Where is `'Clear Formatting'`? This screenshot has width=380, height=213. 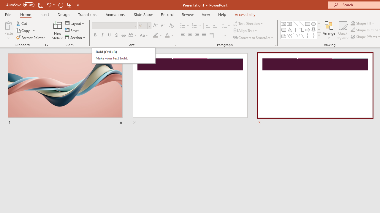 'Clear Formatting' is located at coordinates (171, 25).